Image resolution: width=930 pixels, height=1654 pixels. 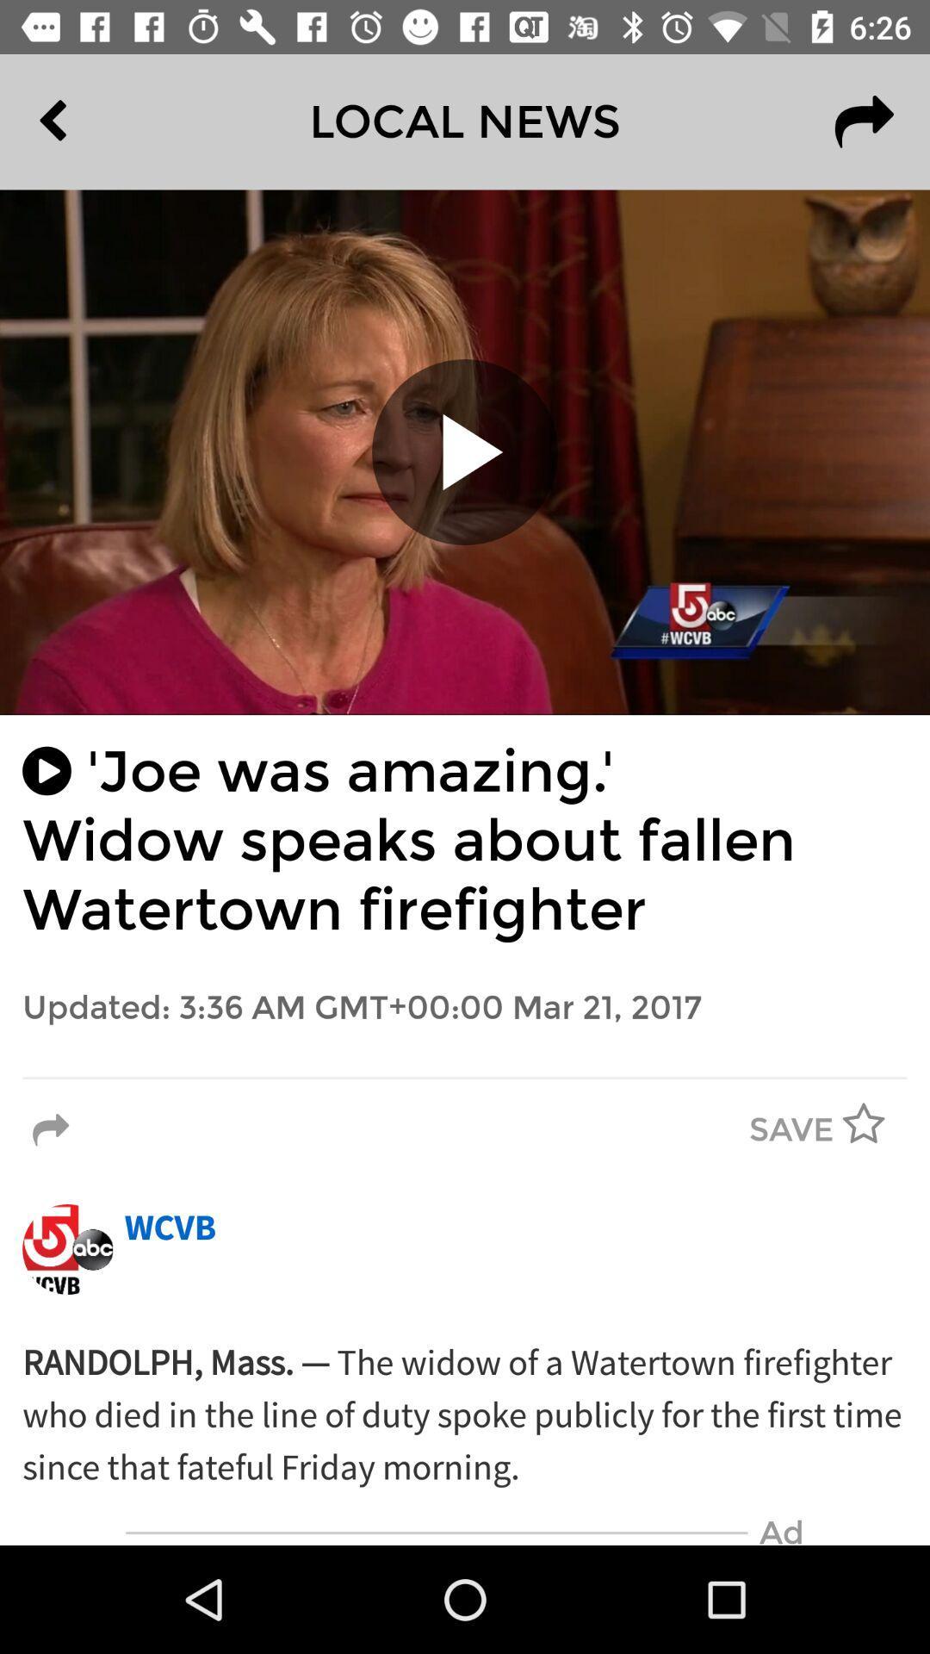 I want to click on the redo icon, so click(x=864, y=121).